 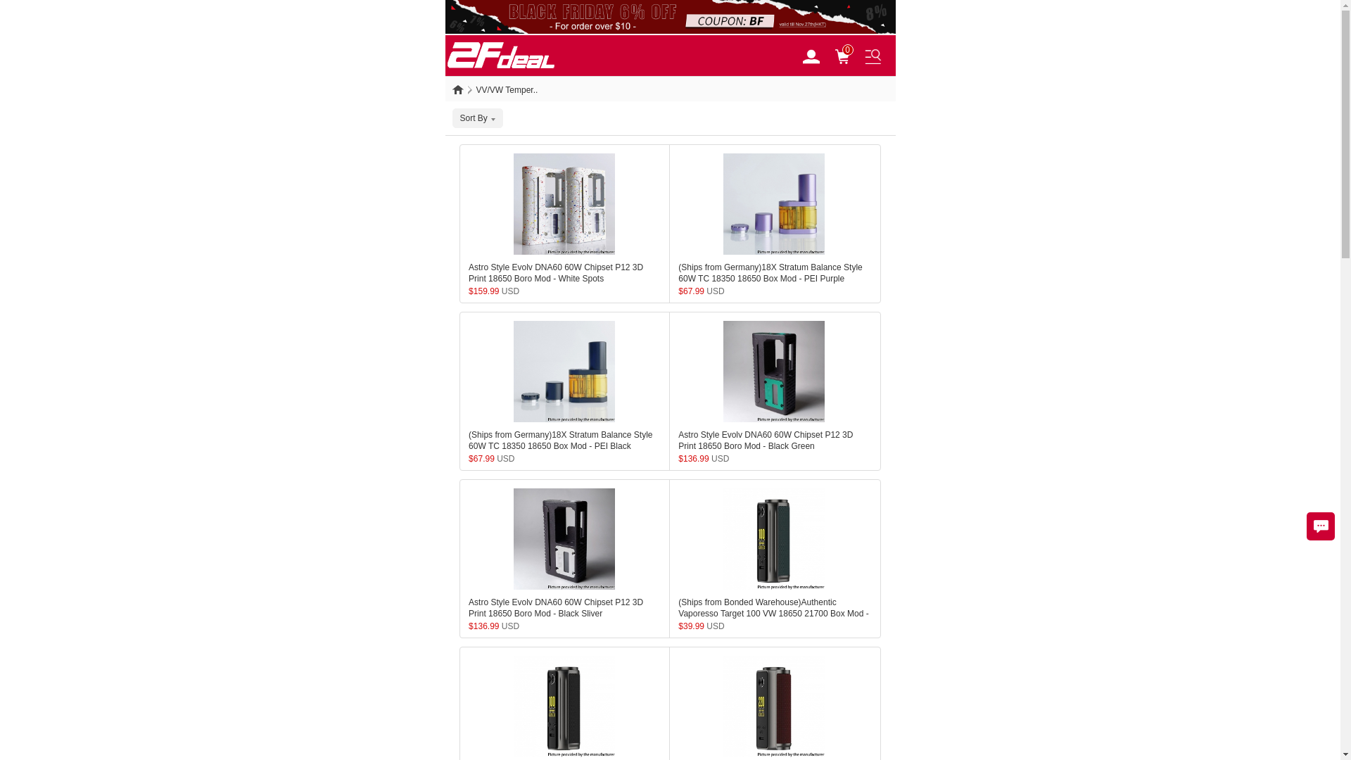 I want to click on '0', so click(x=847, y=54).